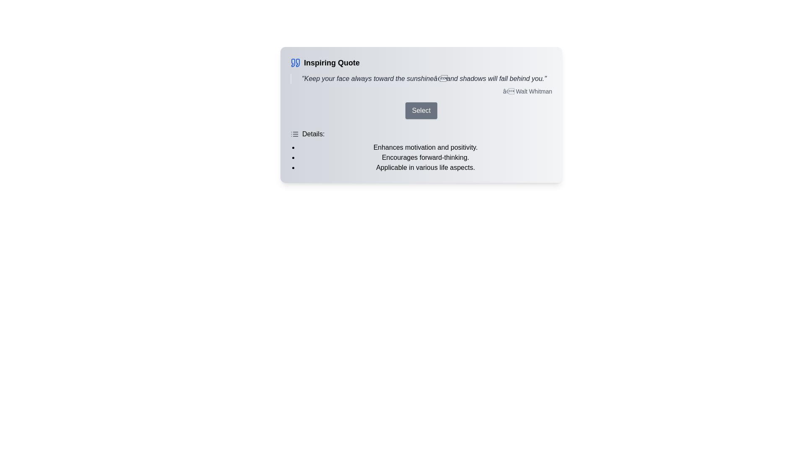  I want to click on the informational section that provides details about enhancements in motivation, positivity, and applicability in life aspects, located centrally below the 'Select' button, so click(421, 150).